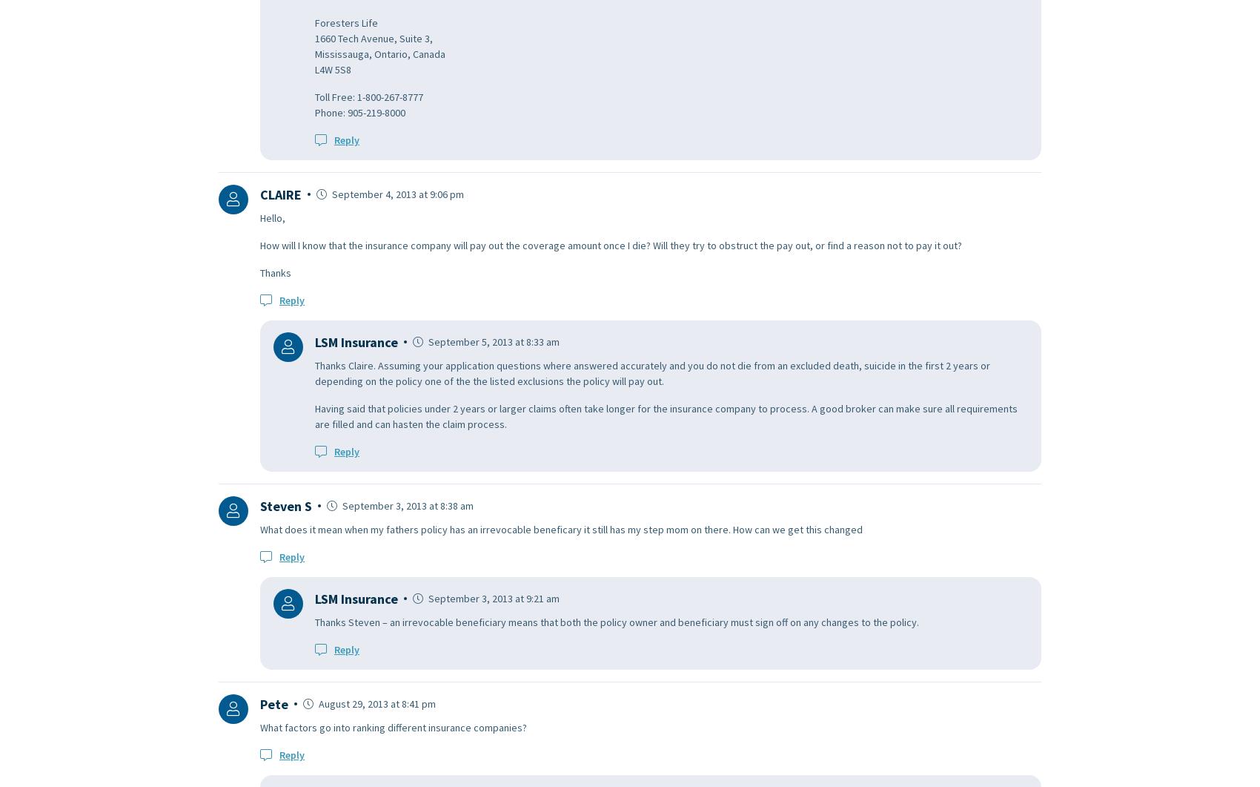 This screenshot has height=787, width=1260. I want to click on 'Foresters Life', so click(346, 22).